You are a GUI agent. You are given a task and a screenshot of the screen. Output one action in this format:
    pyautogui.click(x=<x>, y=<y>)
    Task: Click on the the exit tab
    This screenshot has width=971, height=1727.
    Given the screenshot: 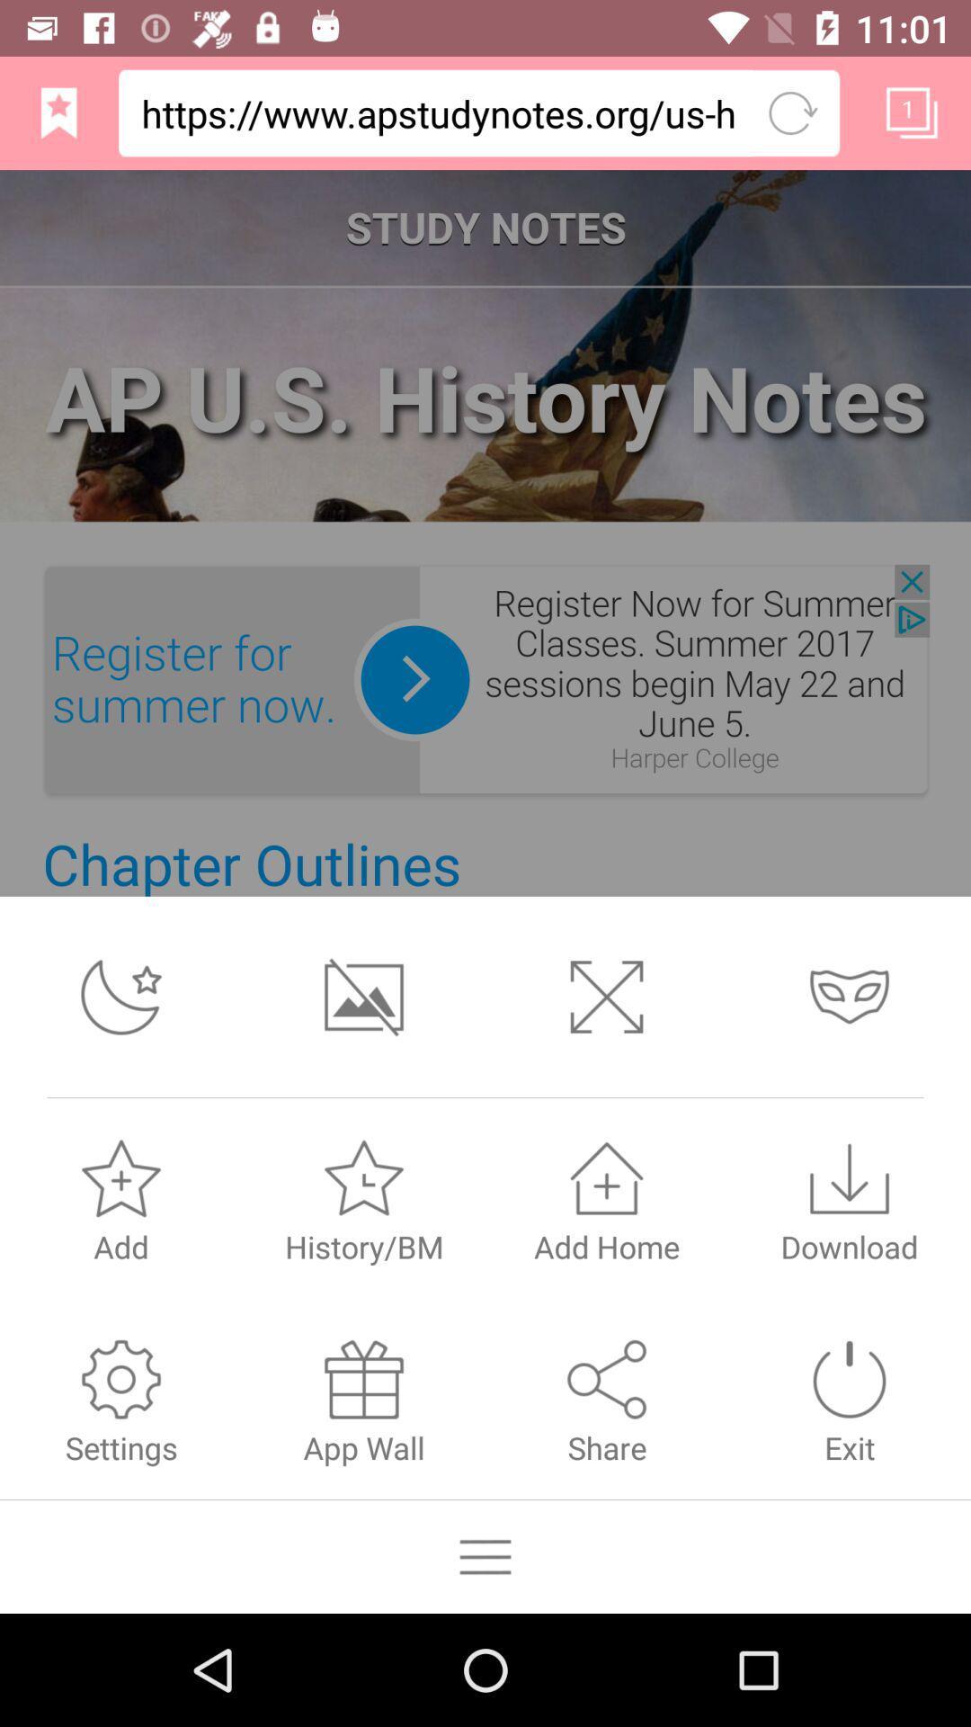 What is the action you would take?
    pyautogui.click(x=850, y=1399)
    